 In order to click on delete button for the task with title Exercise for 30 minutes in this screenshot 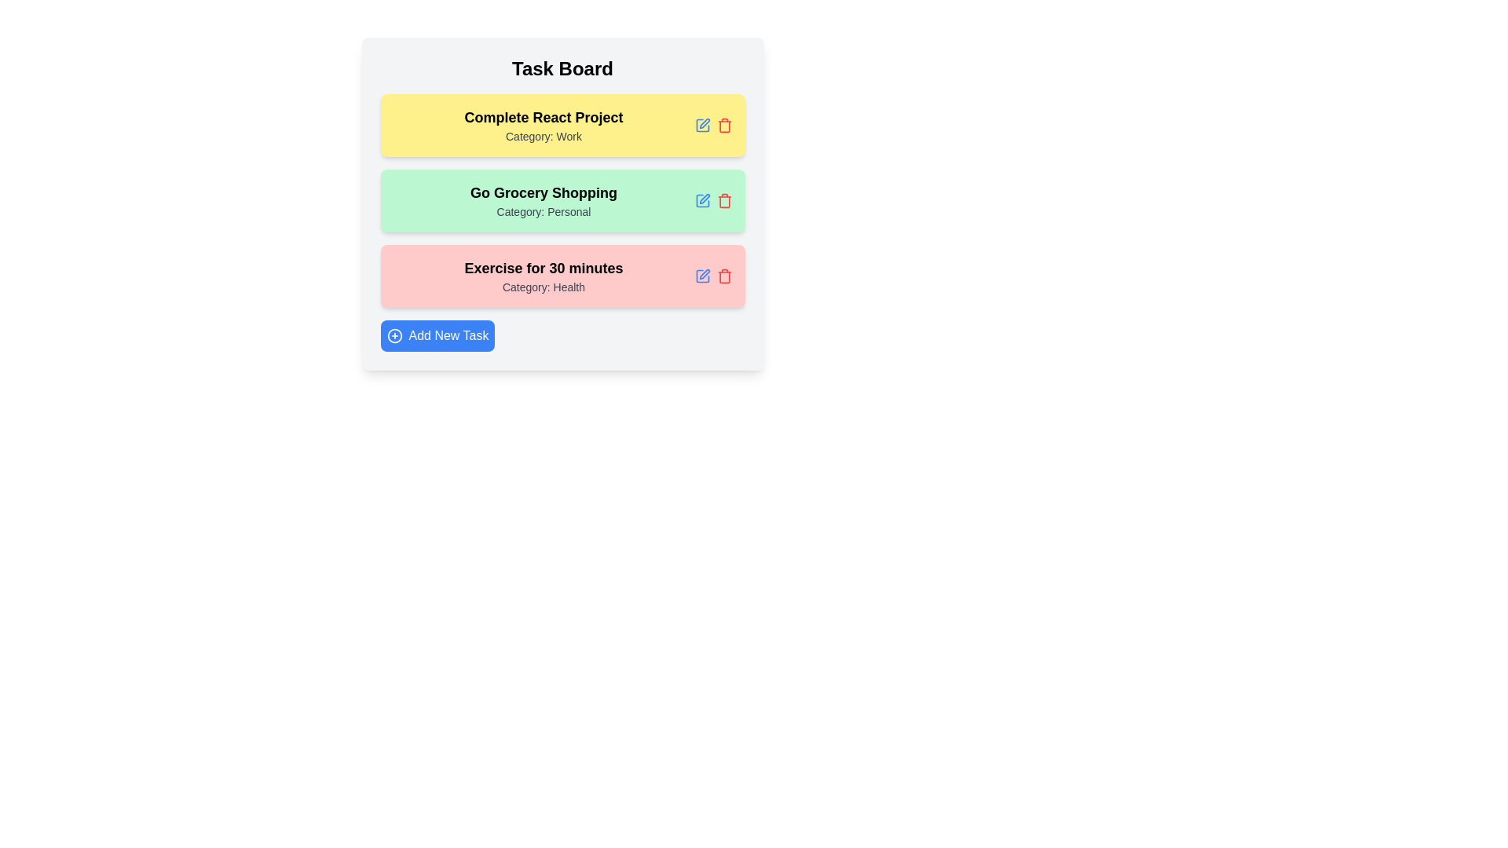, I will do `click(723, 275)`.